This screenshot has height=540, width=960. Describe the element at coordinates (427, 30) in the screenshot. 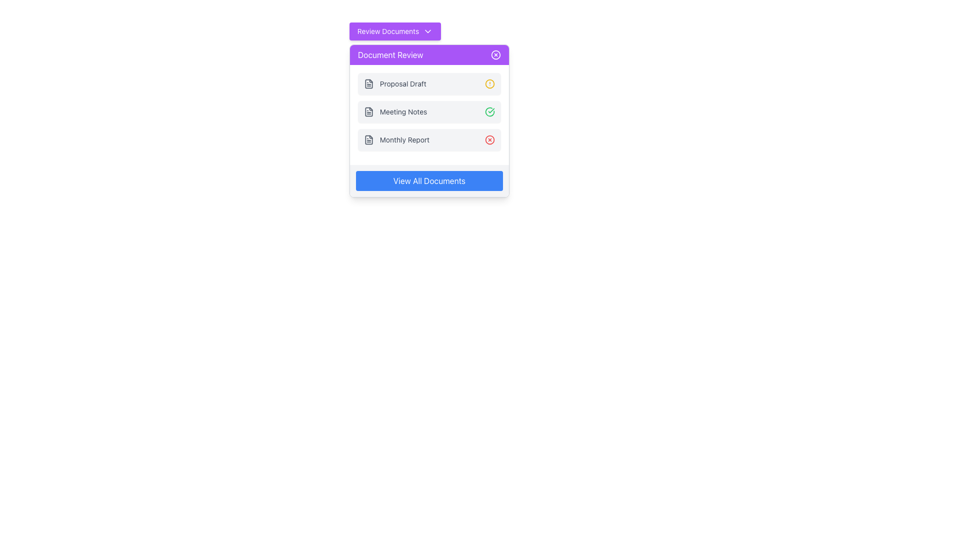

I see `the icon located on the right-hand side of the 'Review Documents' button` at that location.